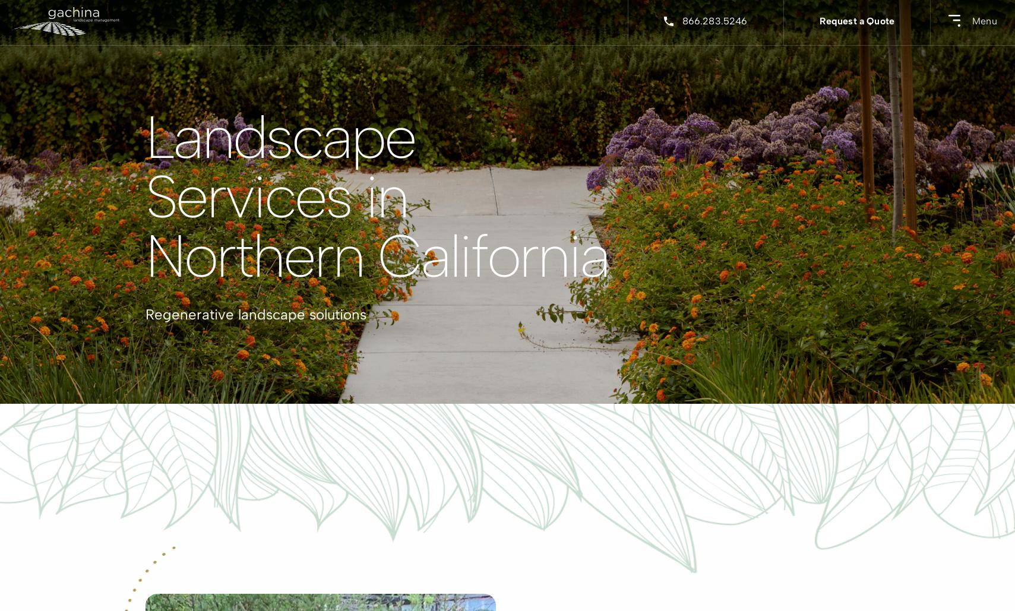 The width and height of the screenshot is (1015, 611). I want to click on 'Clients', so click(213, 200).